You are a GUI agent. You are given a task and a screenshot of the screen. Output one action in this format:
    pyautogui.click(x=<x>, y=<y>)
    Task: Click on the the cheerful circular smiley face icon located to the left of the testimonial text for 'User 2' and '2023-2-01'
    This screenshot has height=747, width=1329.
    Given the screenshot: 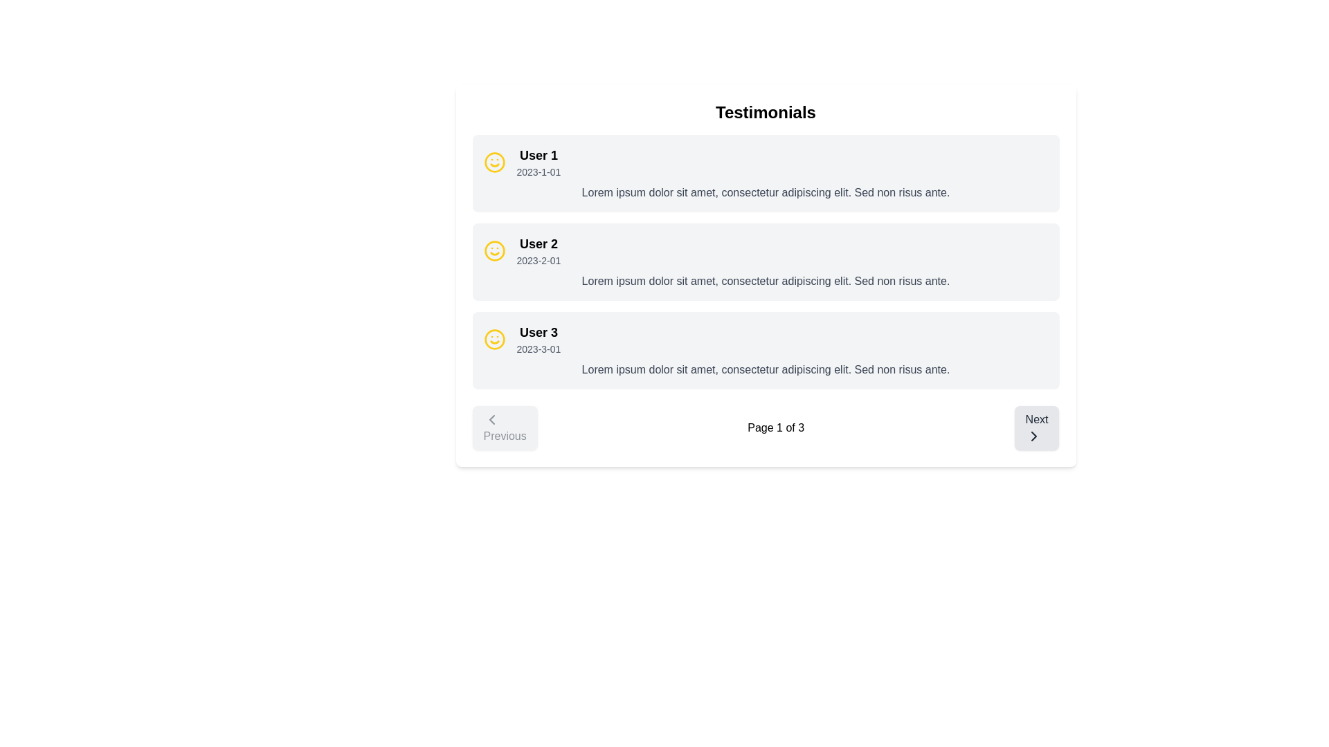 What is the action you would take?
    pyautogui.click(x=494, y=250)
    